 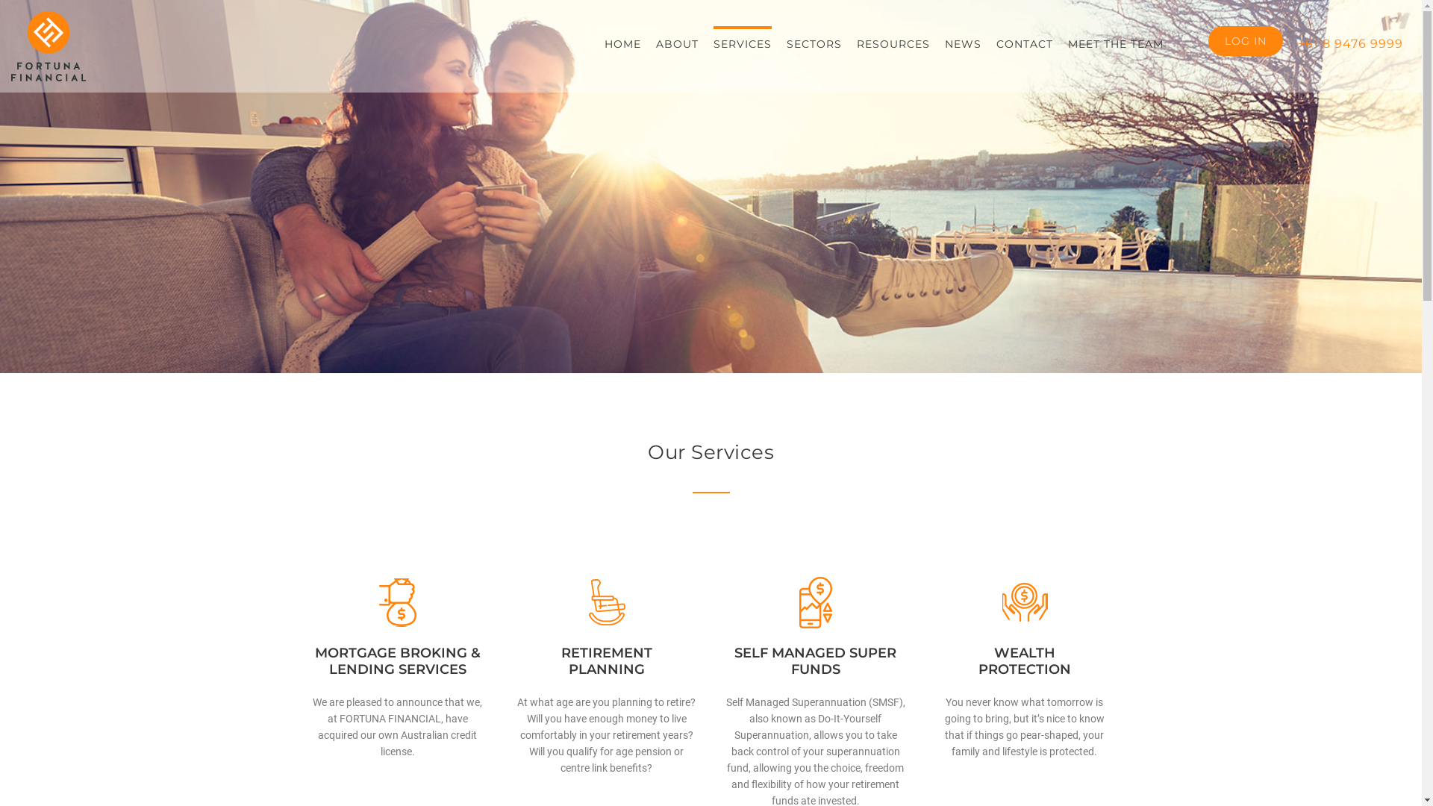 What do you see at coordinates (893, 42) in the screenshot?
I see `'RESOURCES'` at bounding box center [893, 42].